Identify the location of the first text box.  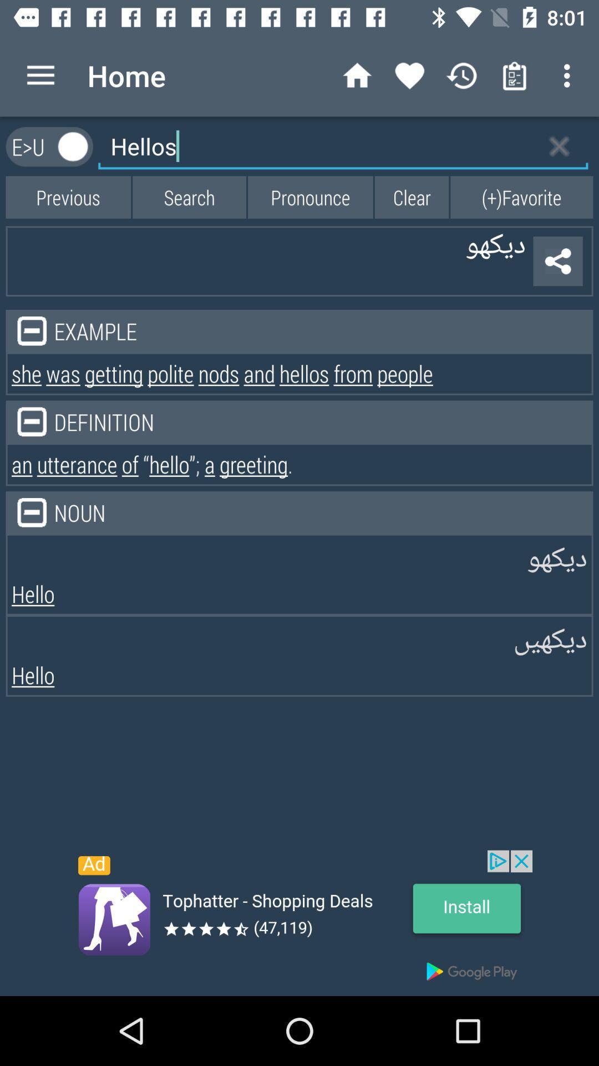
(342, 146).